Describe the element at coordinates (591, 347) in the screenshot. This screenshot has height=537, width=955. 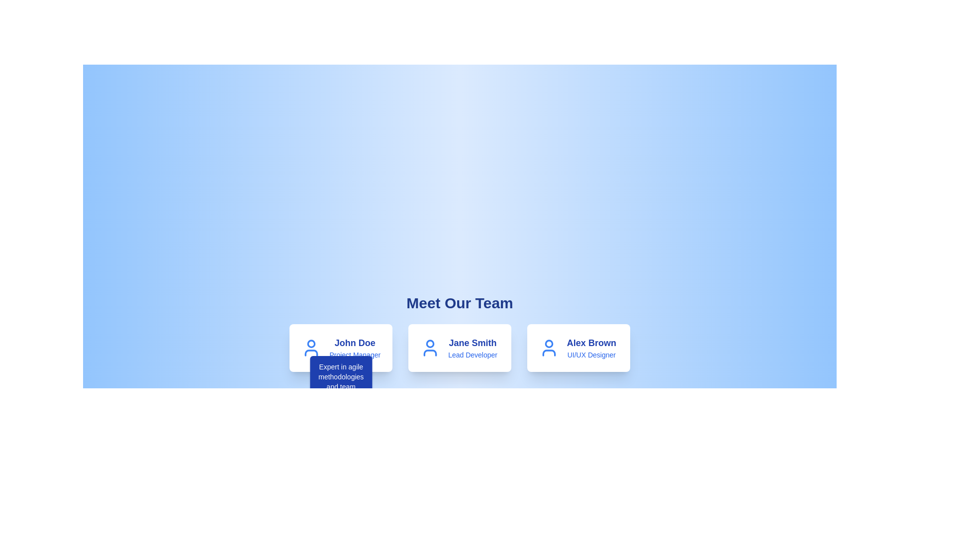
I see `the text content displaying the name and job title of a team member located in the third card from the left in the 'Meet Our Team' section, positioned under the person icon` at that location.